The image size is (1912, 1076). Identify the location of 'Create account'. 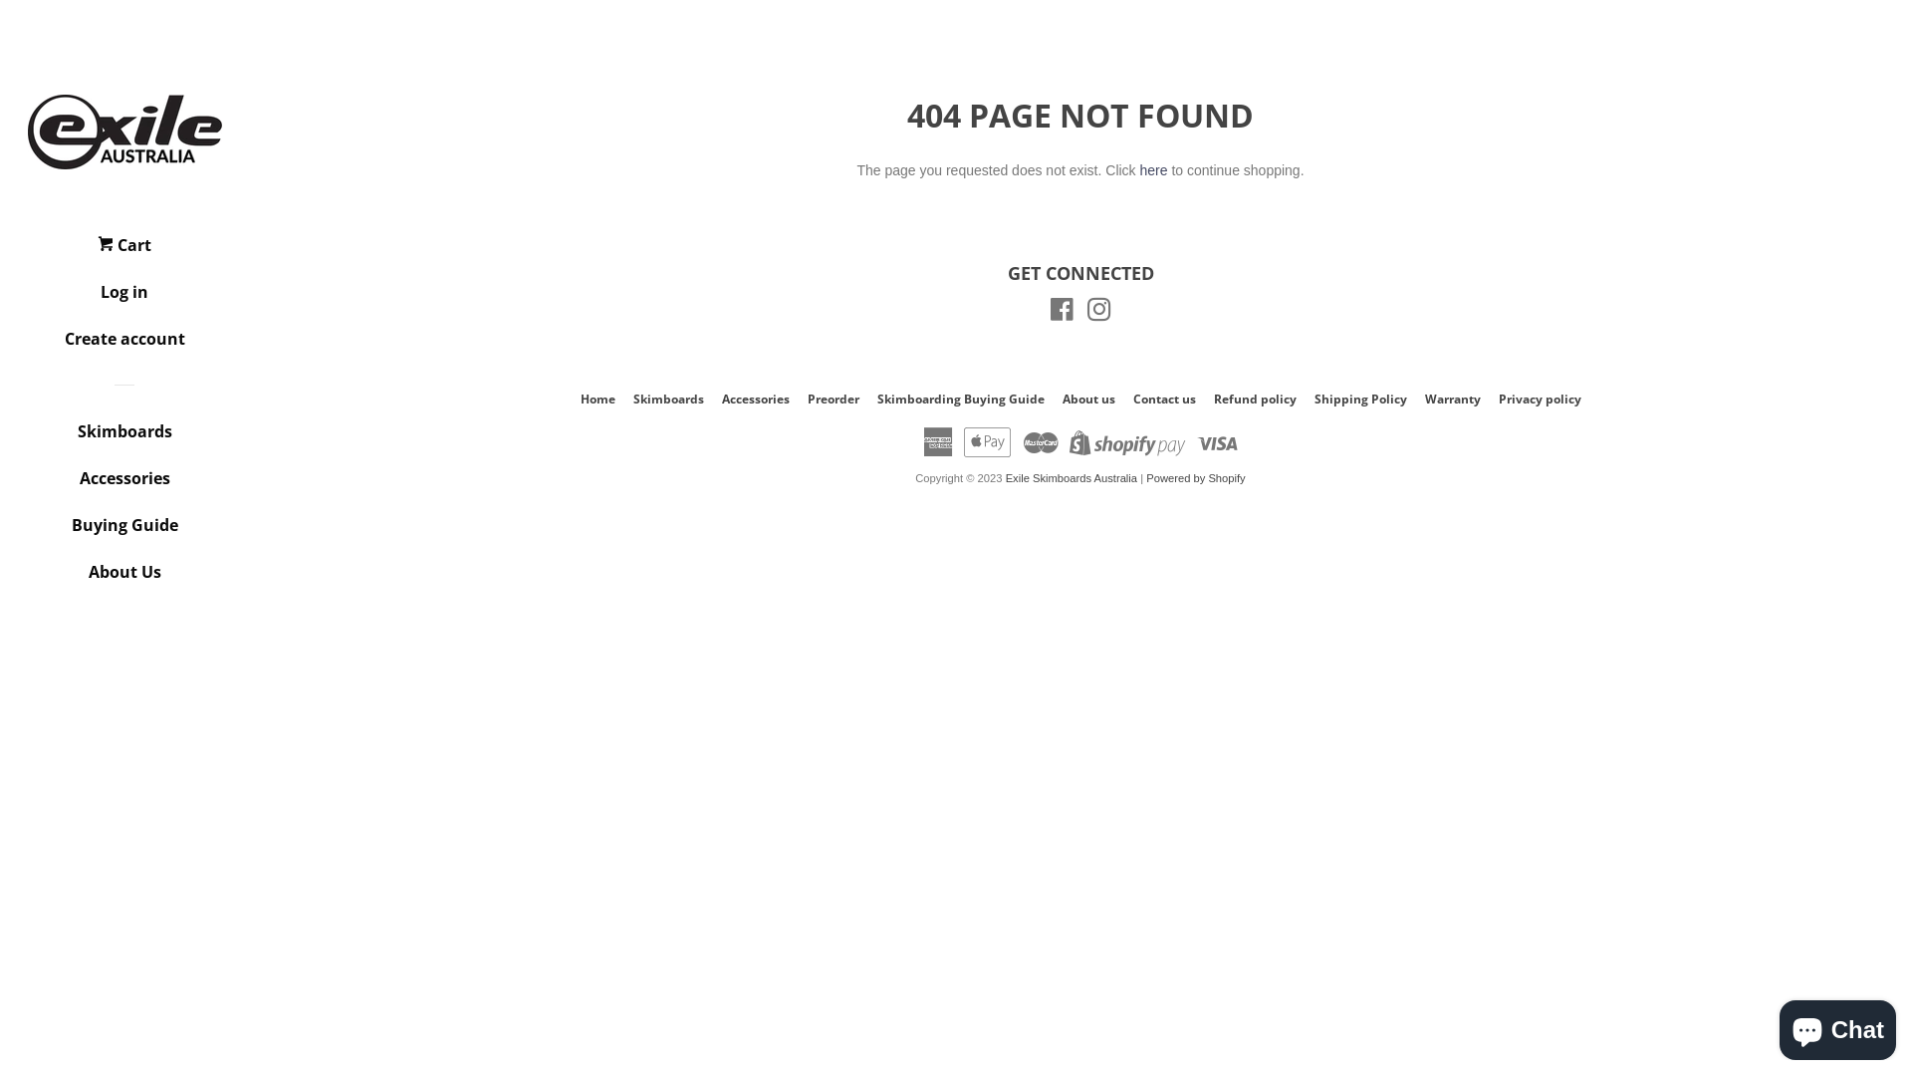
(44, 345).